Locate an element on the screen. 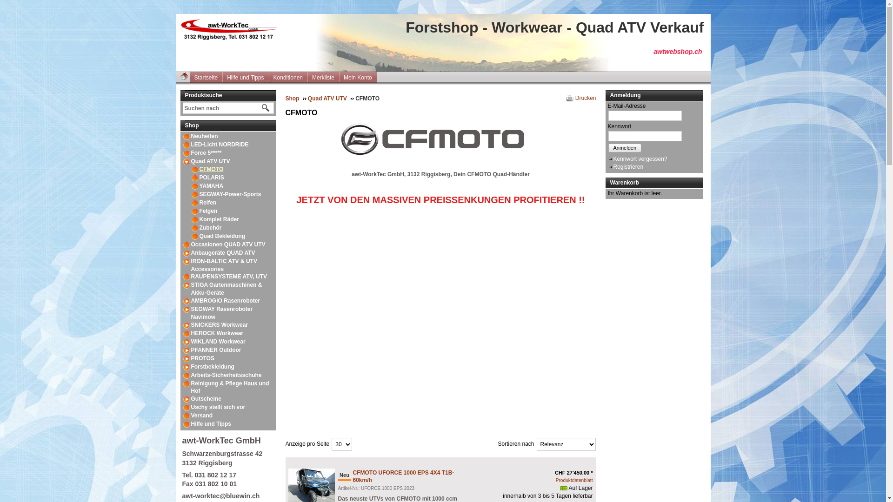 This screenshot has width=893, height=502. 'Forstshop - Workwear - Quad ATV Verkauf' is located at coordinates (233, 31).